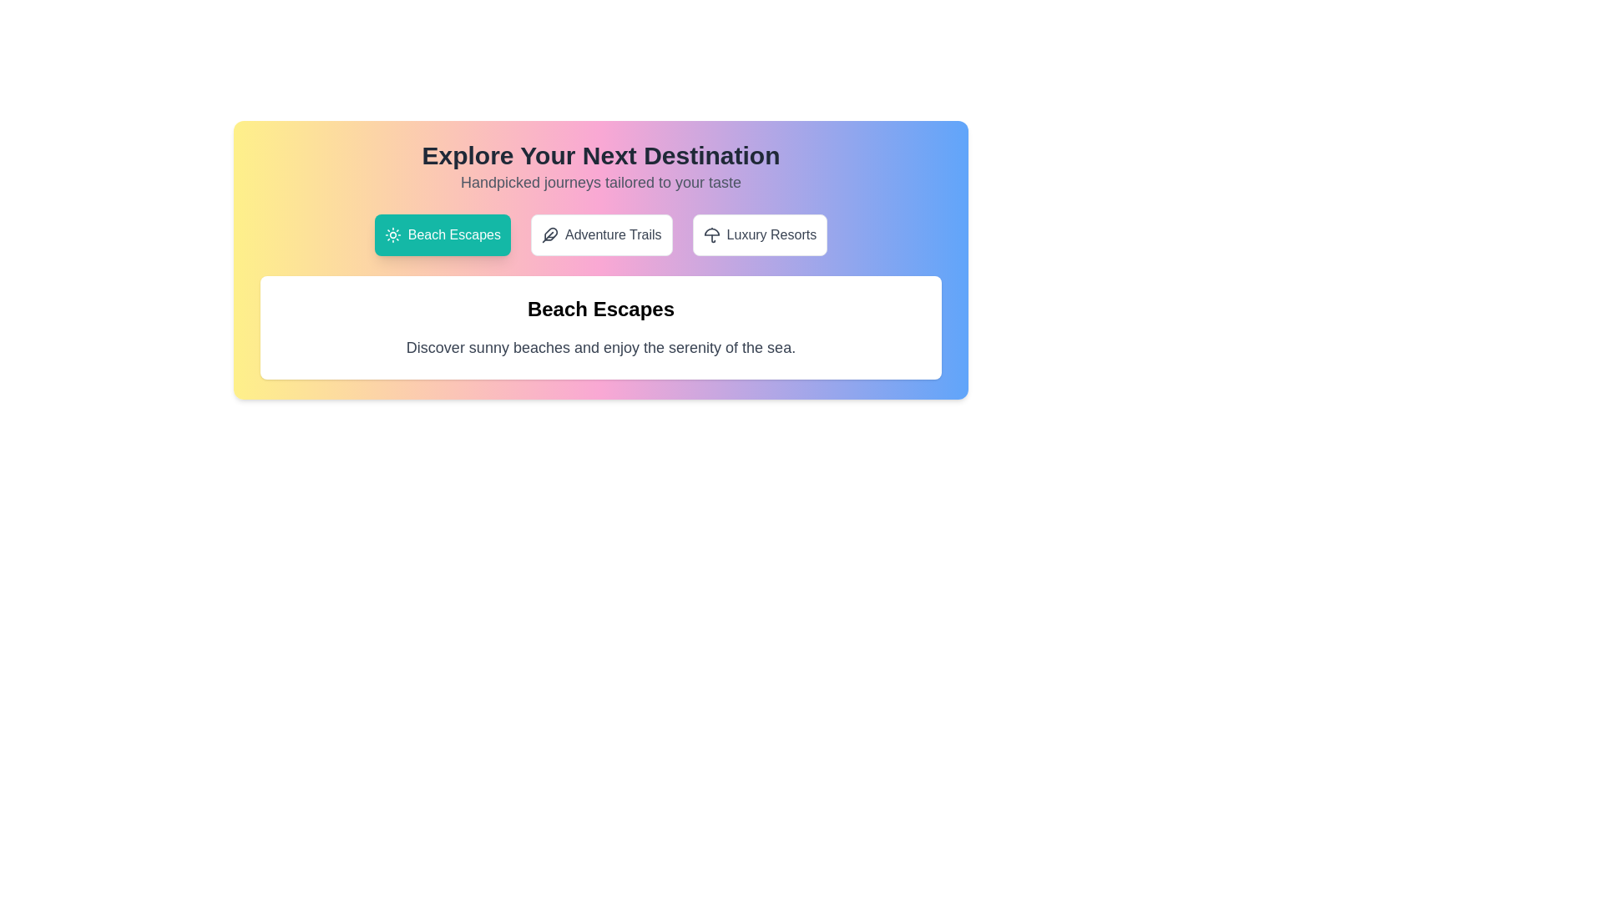 The image size is (1603, 901). I want to click on the tab labeled 'Luxury Resorts', so click(759, 234).